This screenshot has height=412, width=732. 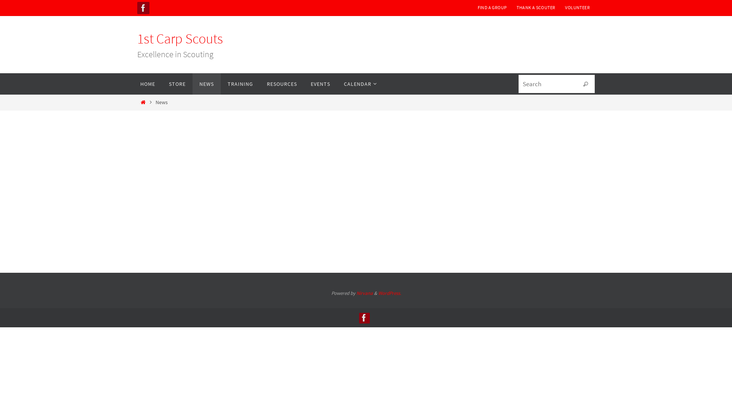 I want to click on 'VOLUNTEER', so click(x=577, y=7).